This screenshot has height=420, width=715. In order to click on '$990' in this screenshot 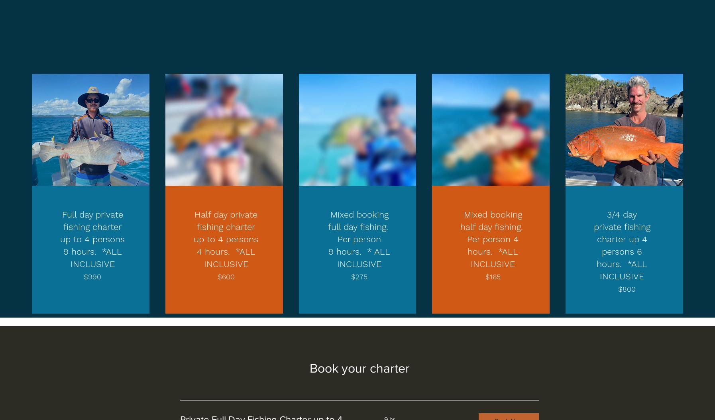, I will do `click(92, 276)`.